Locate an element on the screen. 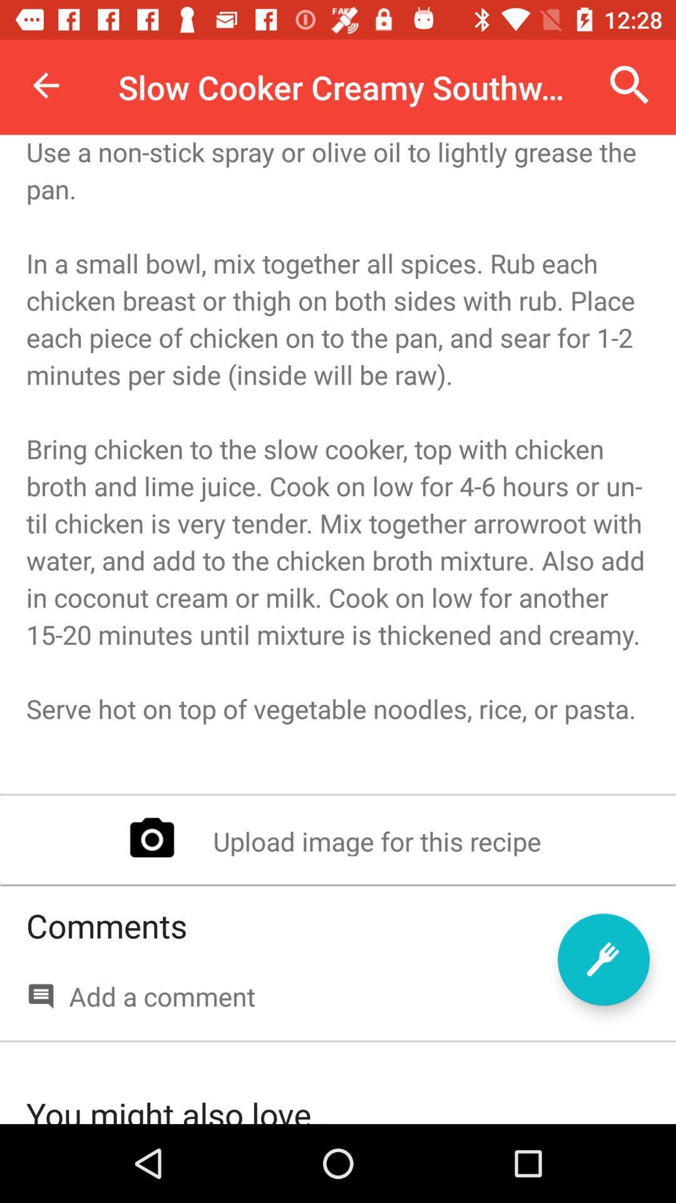  the item to the right of the comments item is located at coordinates (603, 959).